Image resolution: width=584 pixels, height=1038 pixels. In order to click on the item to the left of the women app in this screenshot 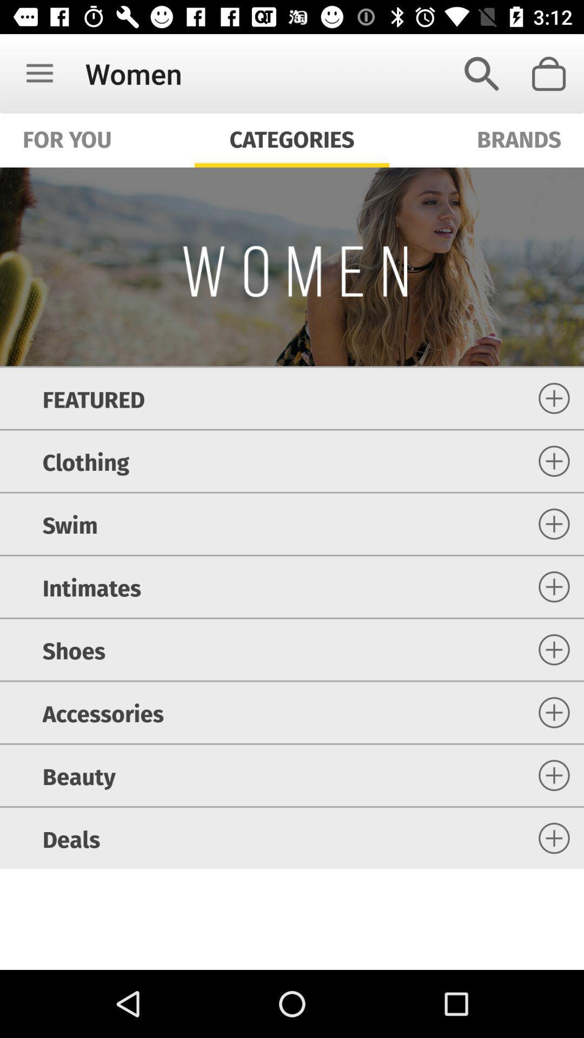, I will do `click(39, 73)`.